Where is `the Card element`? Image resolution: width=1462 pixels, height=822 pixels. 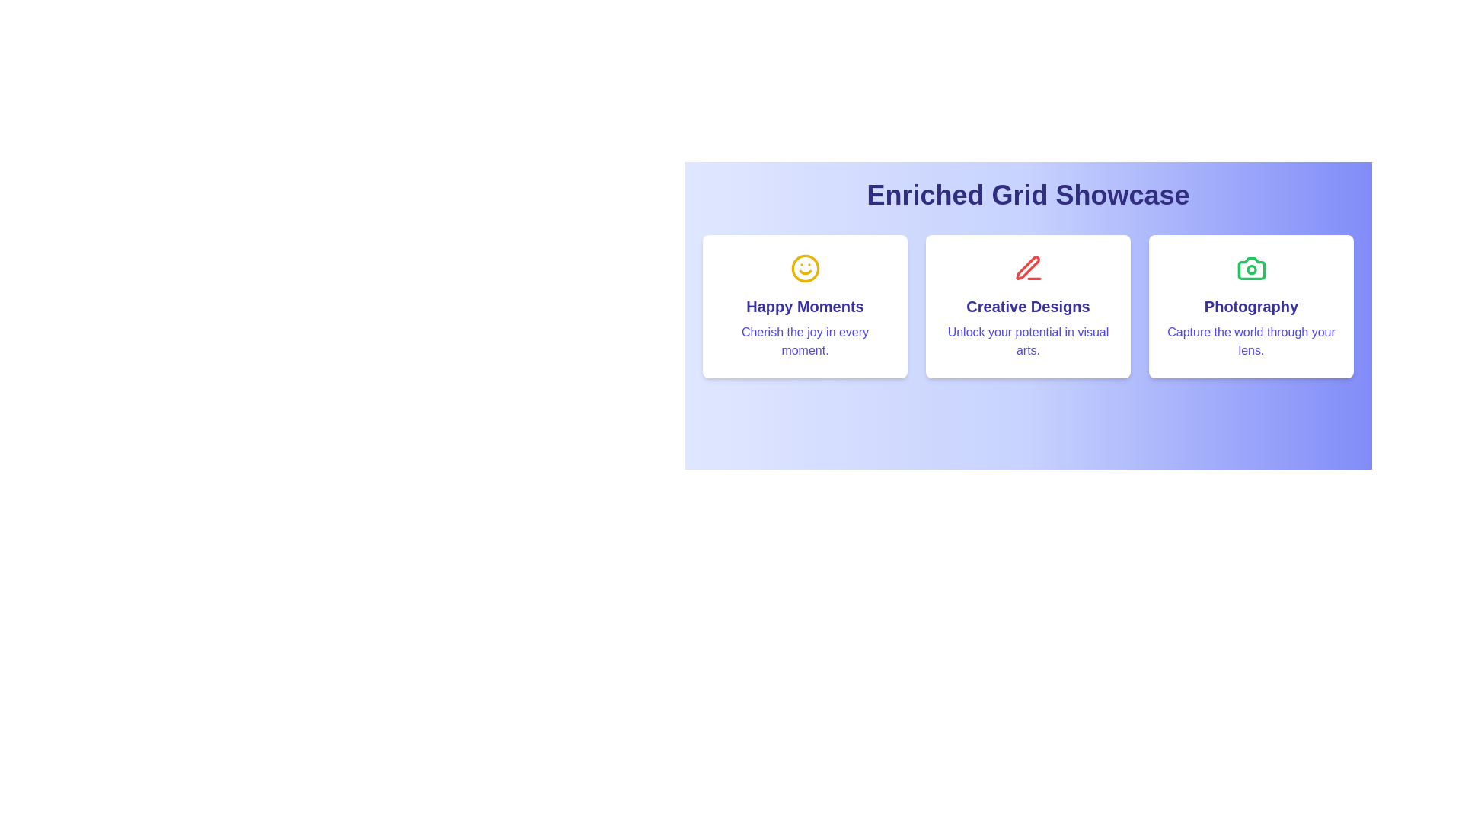 the Card element is located at coordinates (1028, 306).